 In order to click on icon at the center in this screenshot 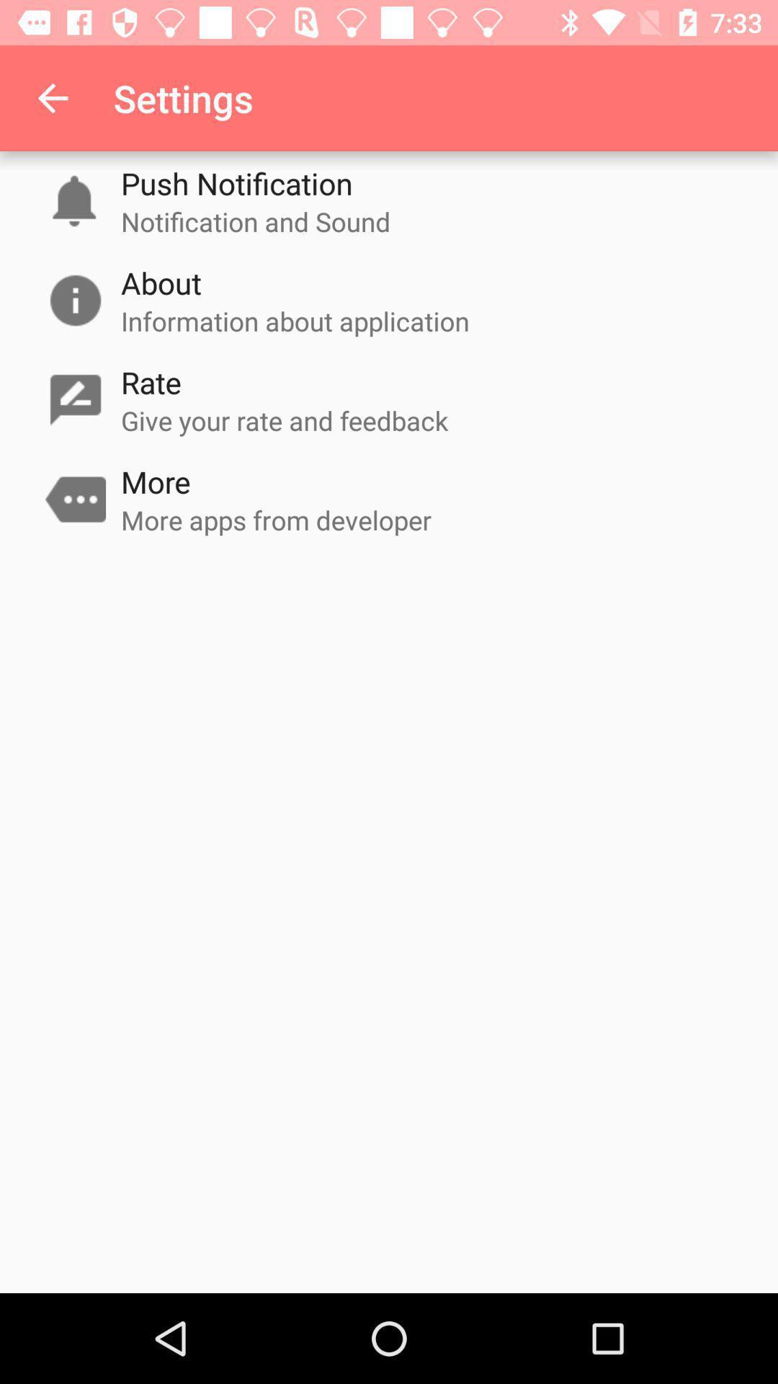, I will do `click(276, 519)`.